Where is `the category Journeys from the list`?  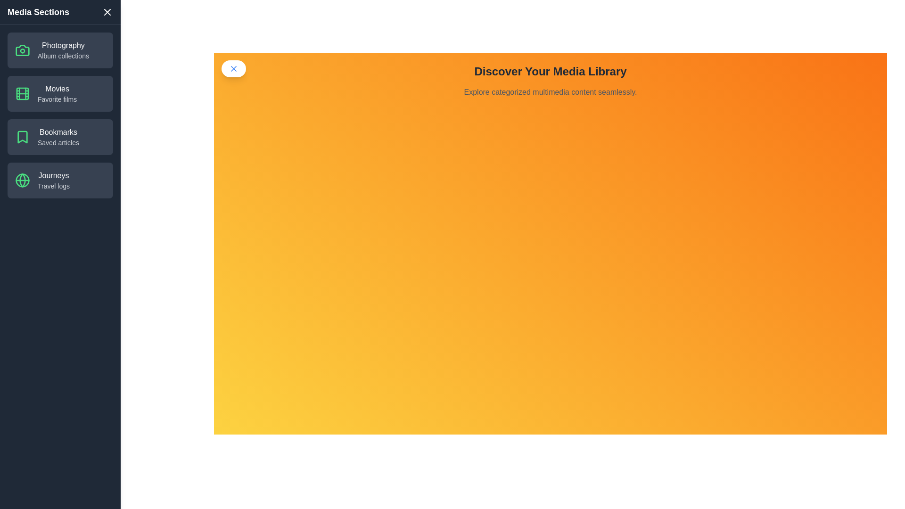
the category Journeys from the list is located at coordinates (60, 180).